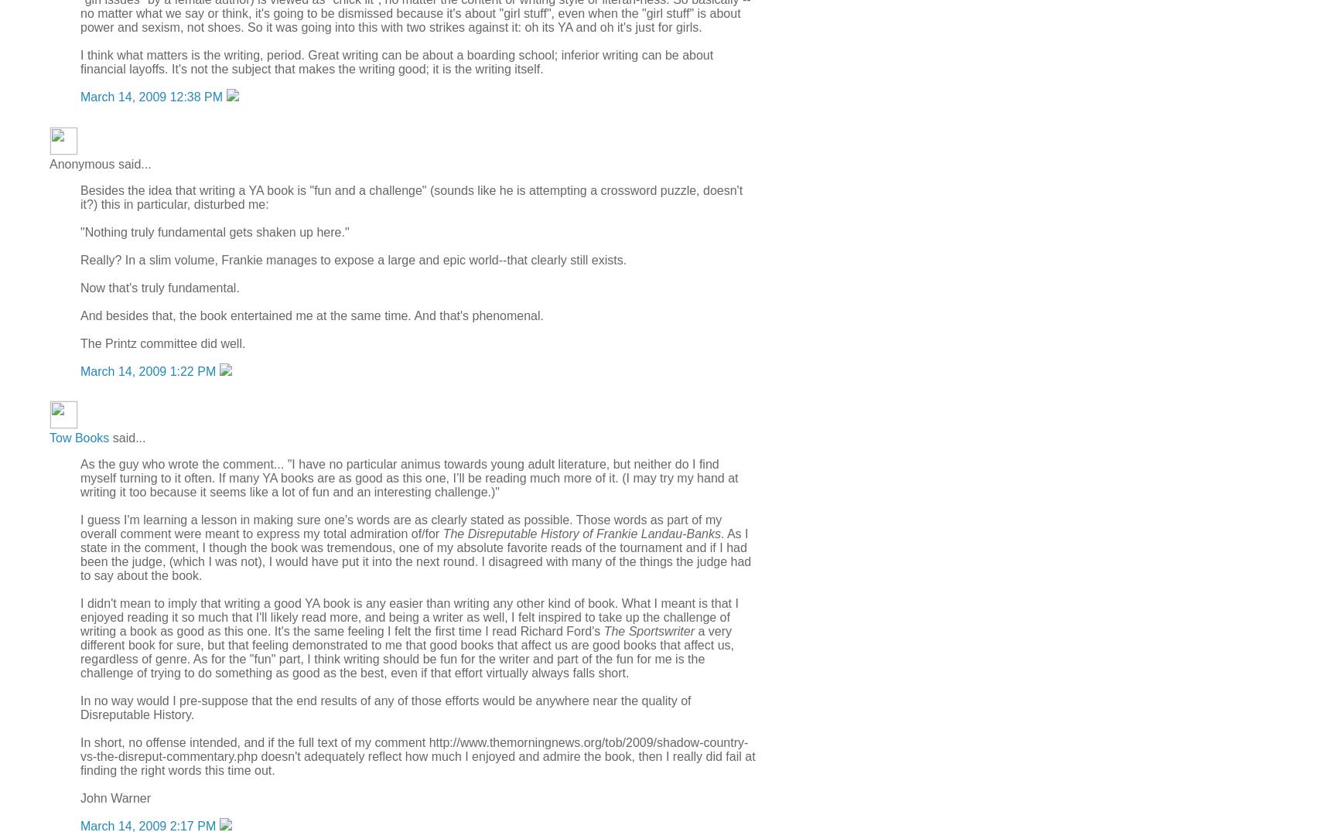  Describe the element at coordinates (602, 629) in the screenshot. I see `'The Sportswriter'` at that location.